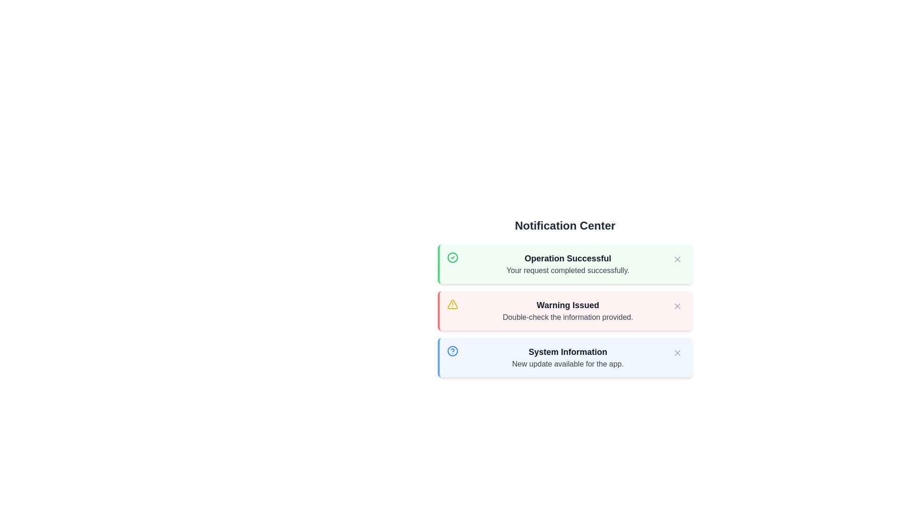  What do you see at coordinates (452, 351) in the screenshot?
I see `the circular outline of the question mark icon located within the 'System Information' notification card, which is the third card from the top` at bounding box center [452, 351].